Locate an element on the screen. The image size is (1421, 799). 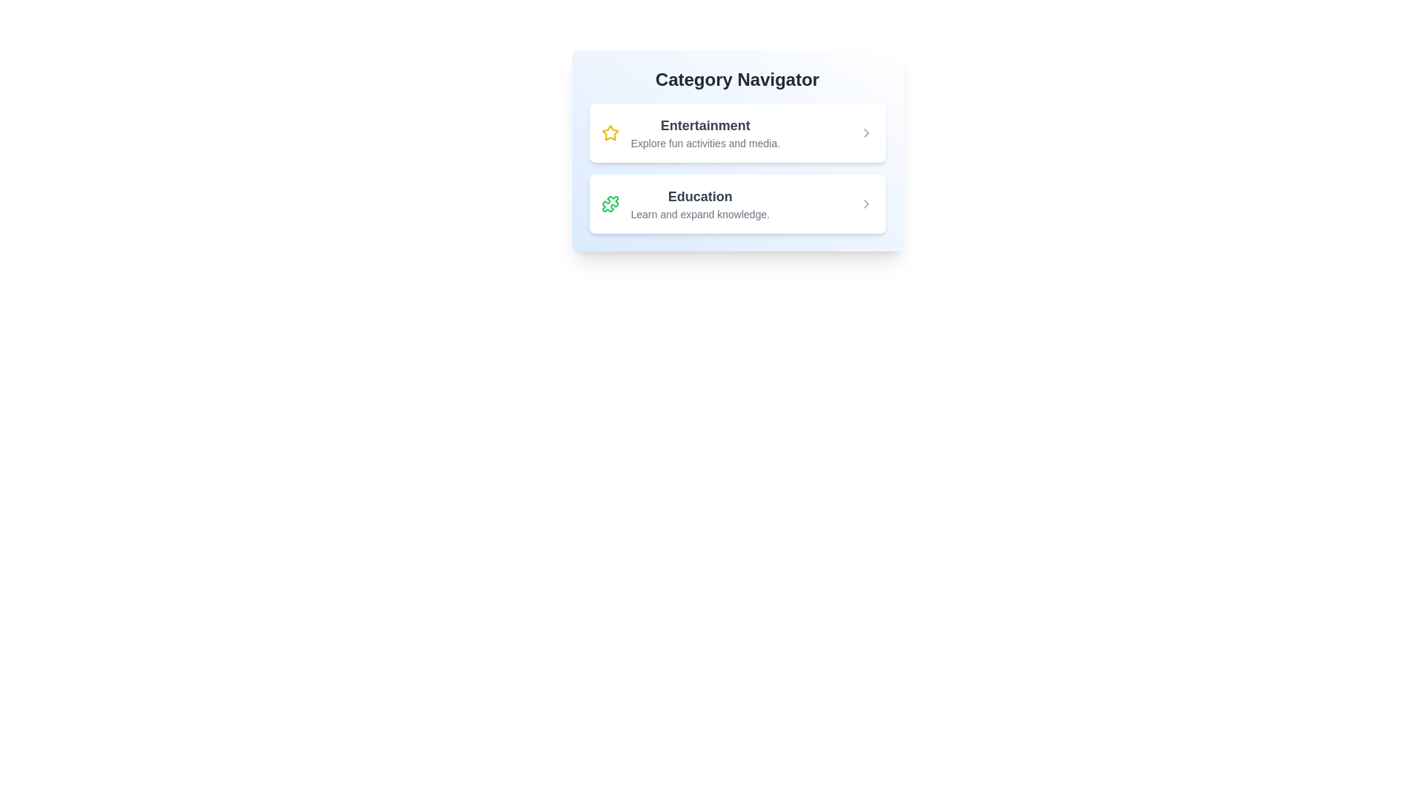
the yellow star icon located in the top left part of the first card labeled 'Entertainment', which serves as an icon to represent the card's theme is located at coordinates (610, 133).